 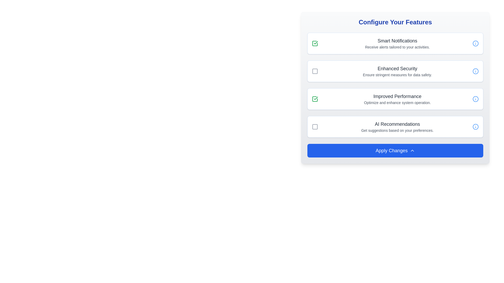 What do you see at coordinates (475, 127) in the screenshot?
I see `the SVG circle shape that serves as the outer boundary of the informational icon located to the right of the 'AI Recommendations' text in the last row of options` at bounding box center [475, 127].